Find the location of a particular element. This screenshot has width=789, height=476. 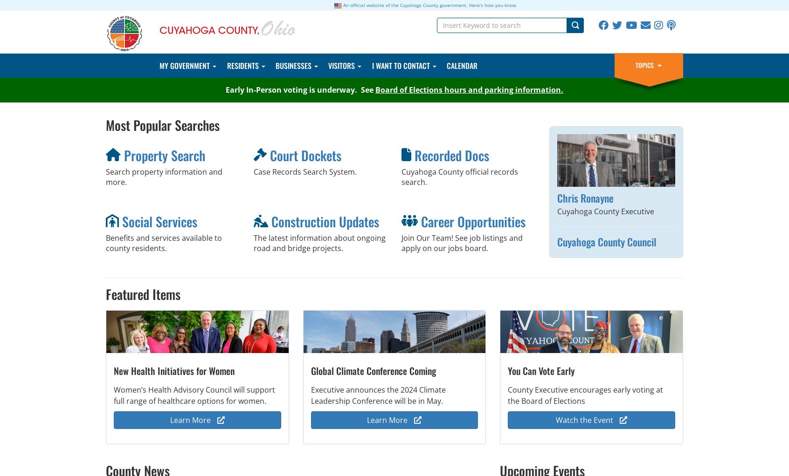

'Early In-Person voting is underway.  See' is located at coordinates (225, 89).